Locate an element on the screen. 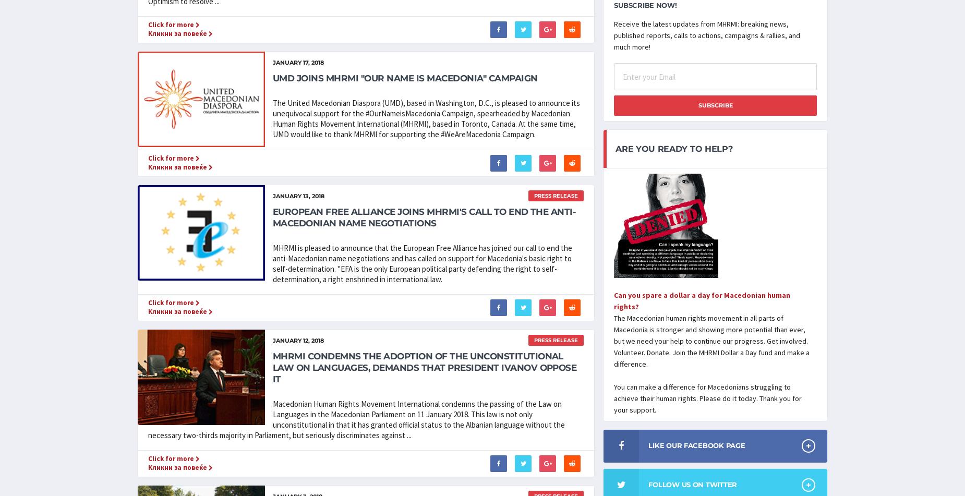  'You can make a difference for Macedonians struggling to achieve their human rights. Please do it today. Thank you for your support.' is located at coordinates (707, 397).